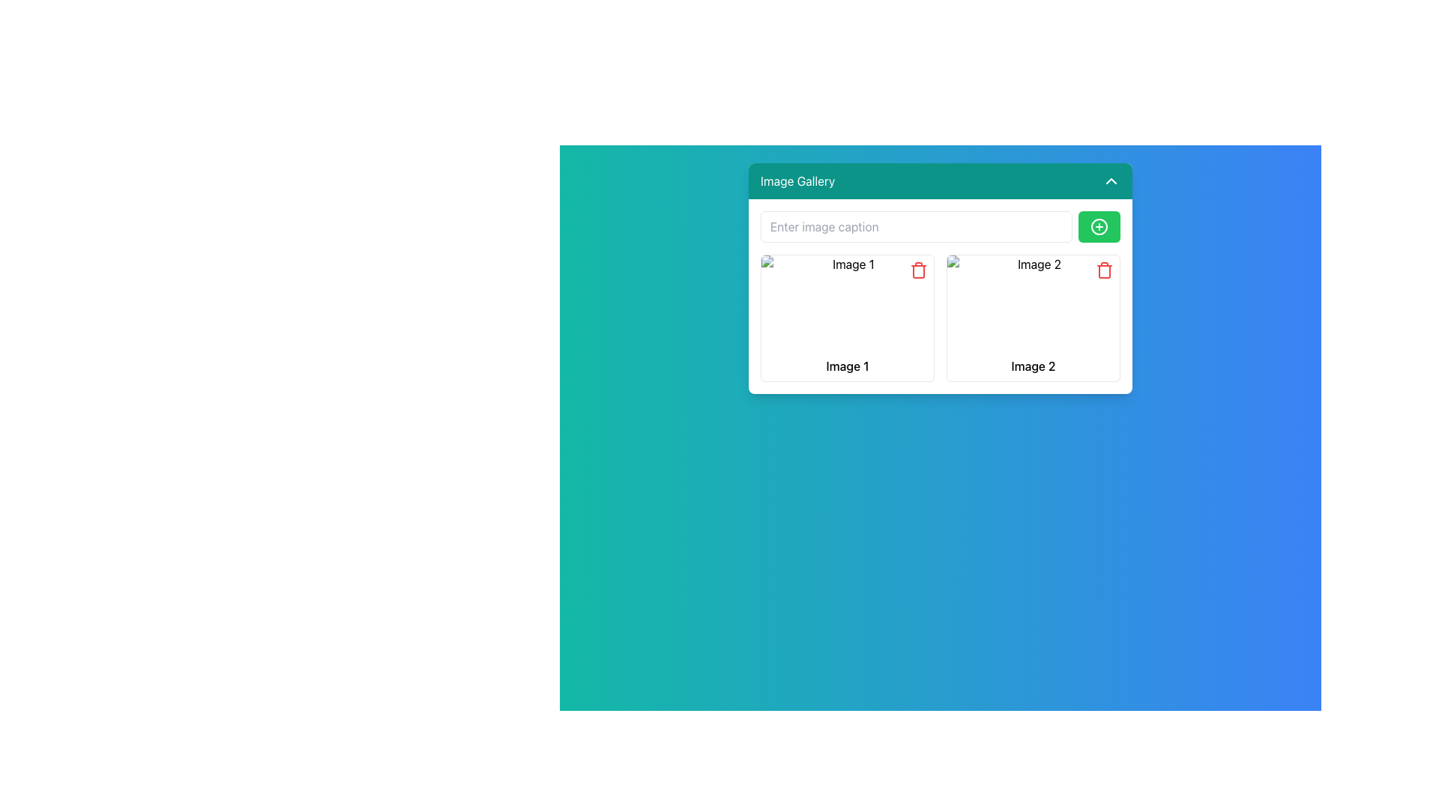  What do you see at coordinates (848, 366) in the screenshot?
I see `the text label reading 'Image 1', which is styled with medium font weight and centered alignment, located below an image placeholder in the first column of the grid layout within the image gallery` at bounding box center [848, 366].